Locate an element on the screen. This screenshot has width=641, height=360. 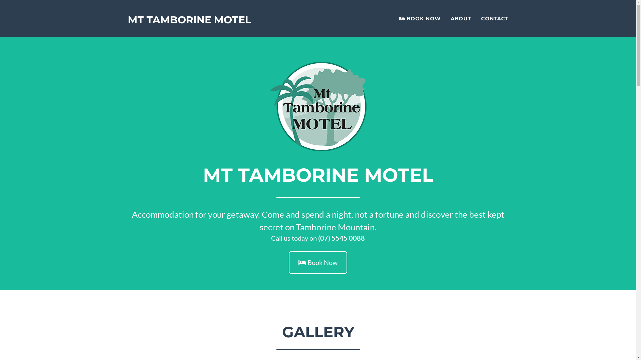
'ABOUT' is located at coordinates (460, 18).